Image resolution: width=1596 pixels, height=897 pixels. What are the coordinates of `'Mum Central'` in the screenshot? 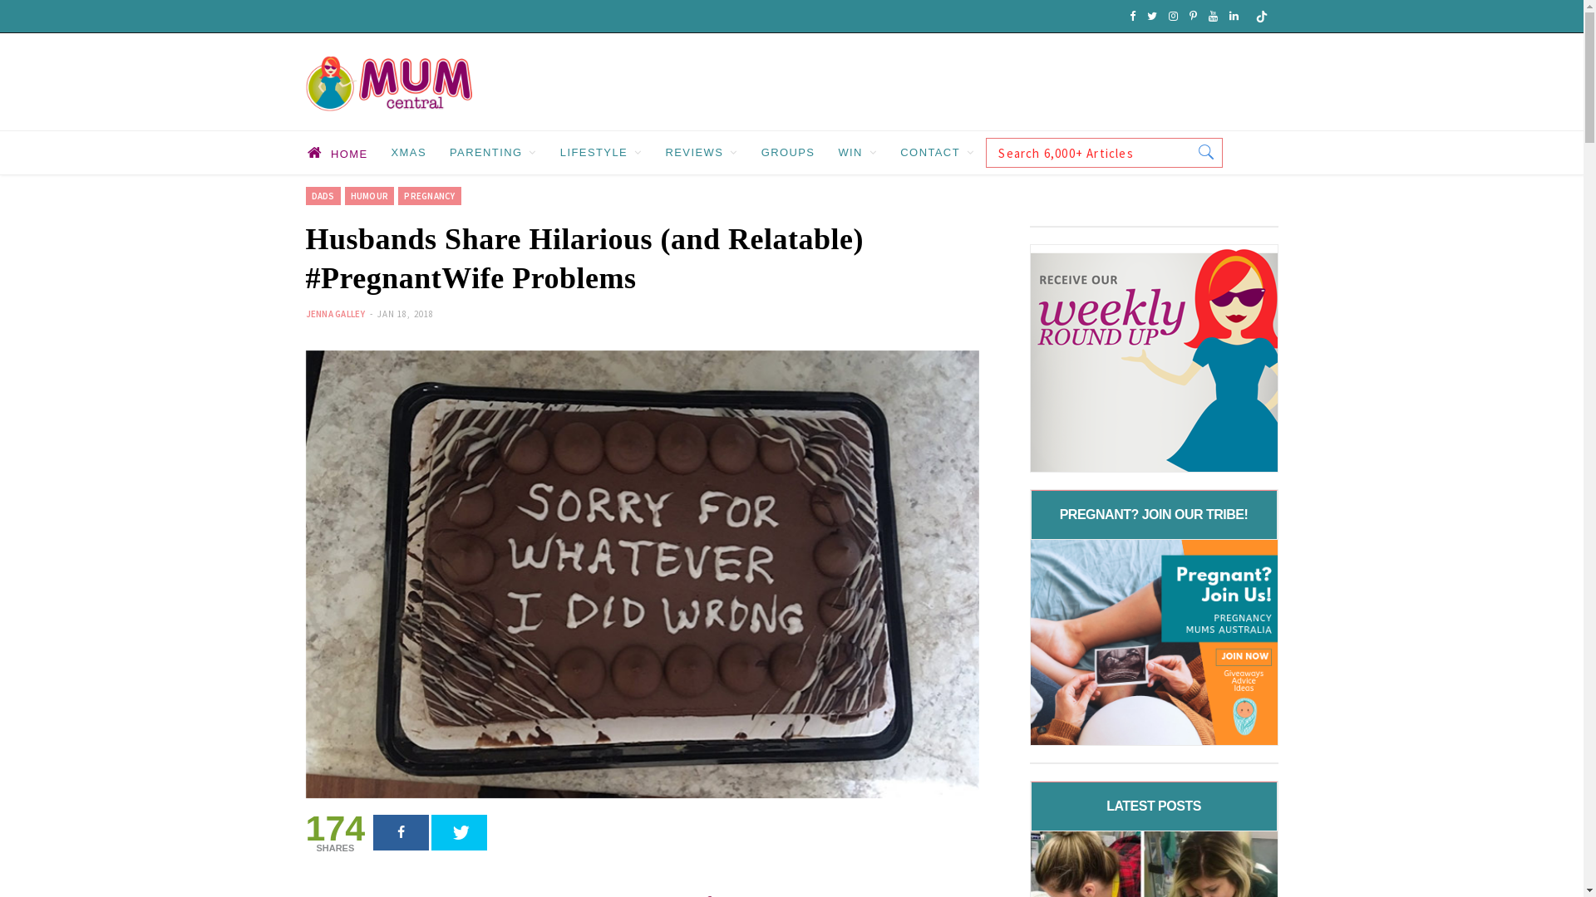 It's located at (388, 90).